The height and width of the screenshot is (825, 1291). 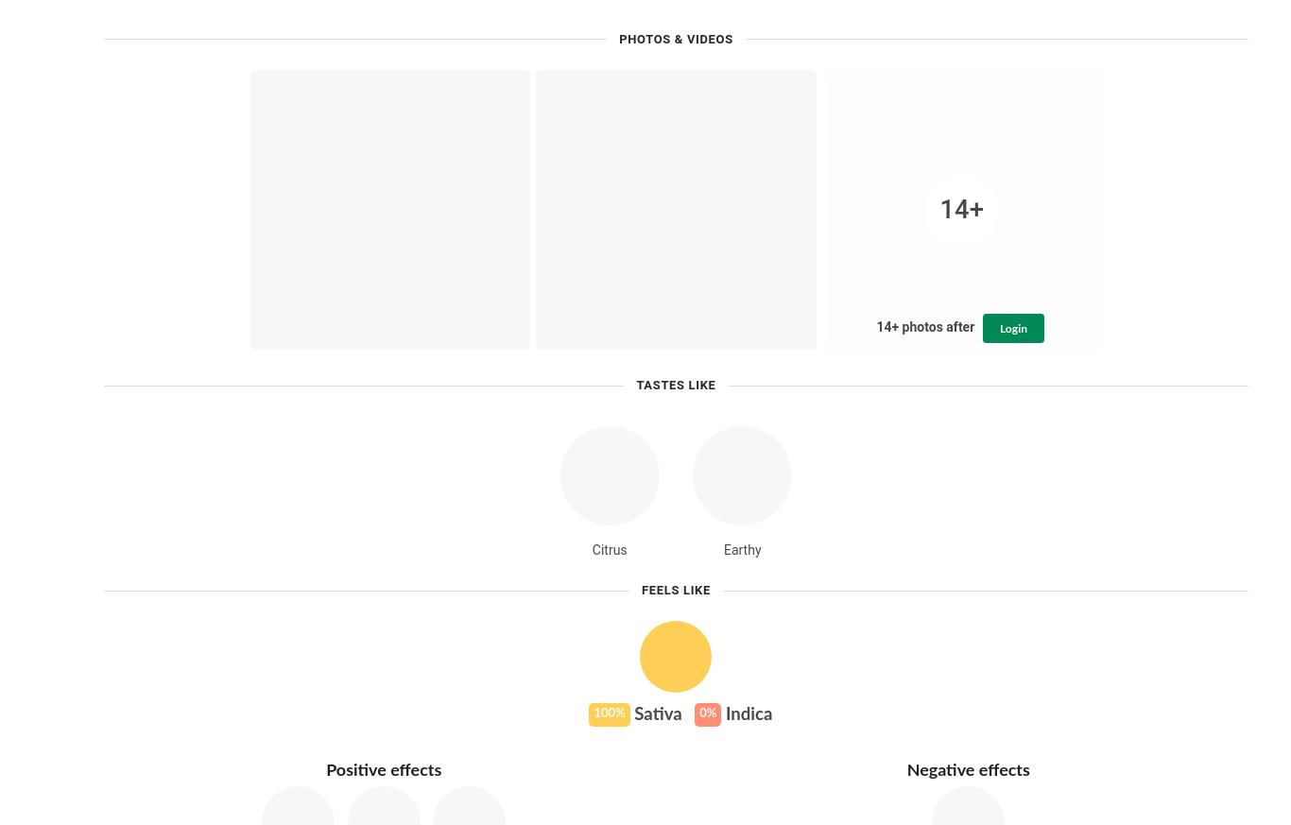 I want to click on 'Earthy', so click(x=742, y=549).